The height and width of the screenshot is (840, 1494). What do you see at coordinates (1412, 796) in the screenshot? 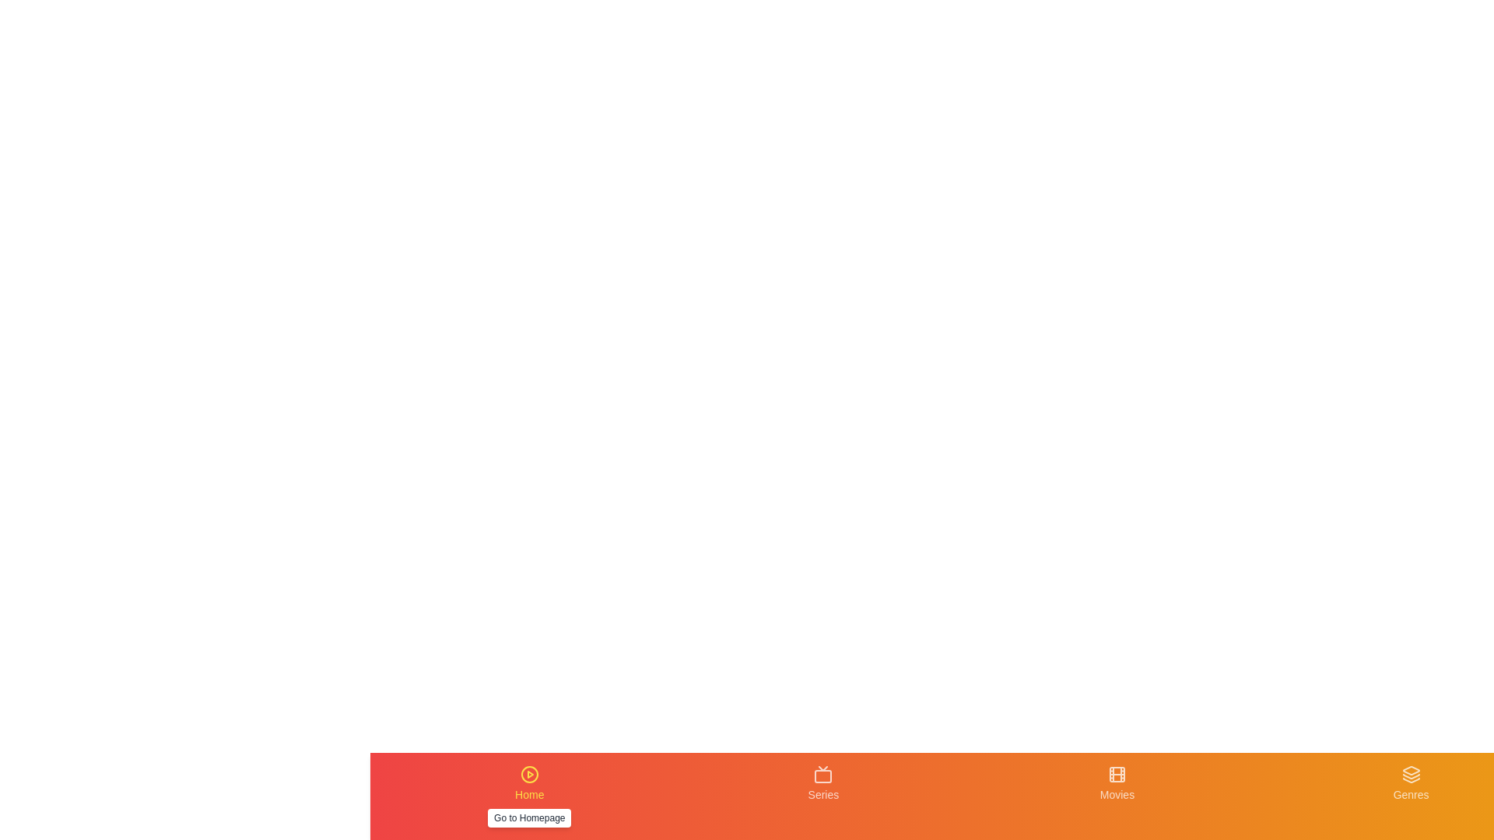
I see `the Genres tab to navigate` at bounding box center [1412, 796].